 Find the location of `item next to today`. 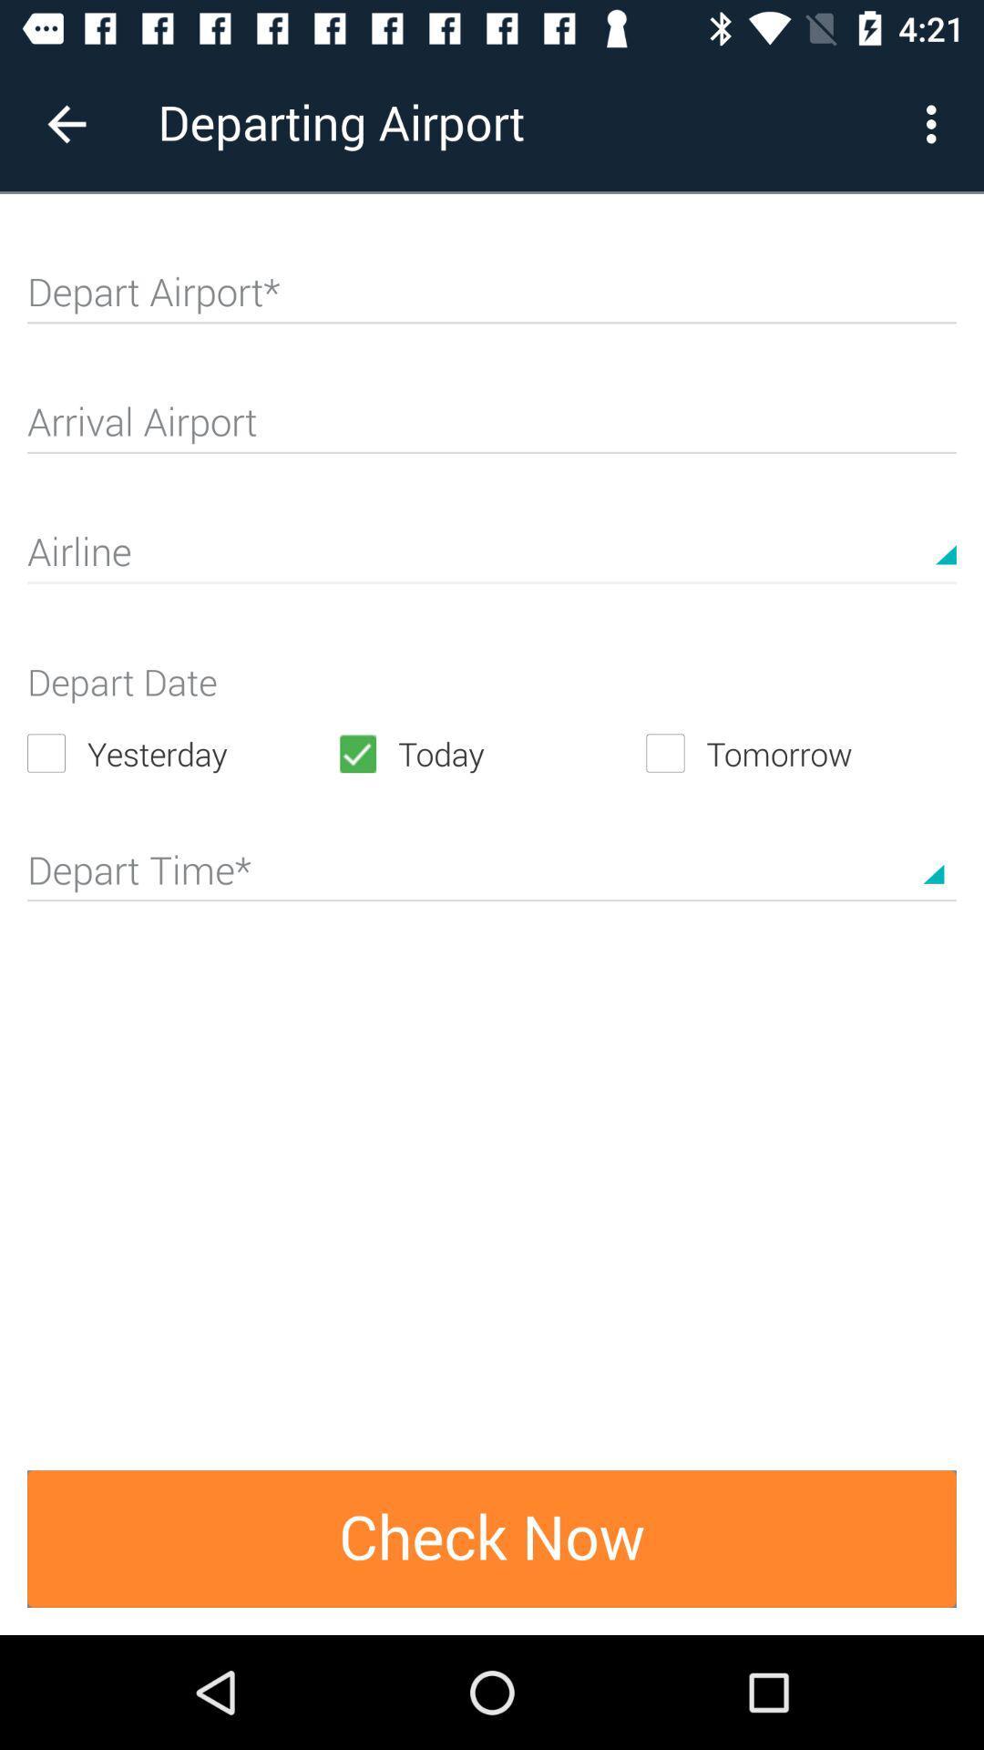

item next to today is located at coordinates (181, 753).